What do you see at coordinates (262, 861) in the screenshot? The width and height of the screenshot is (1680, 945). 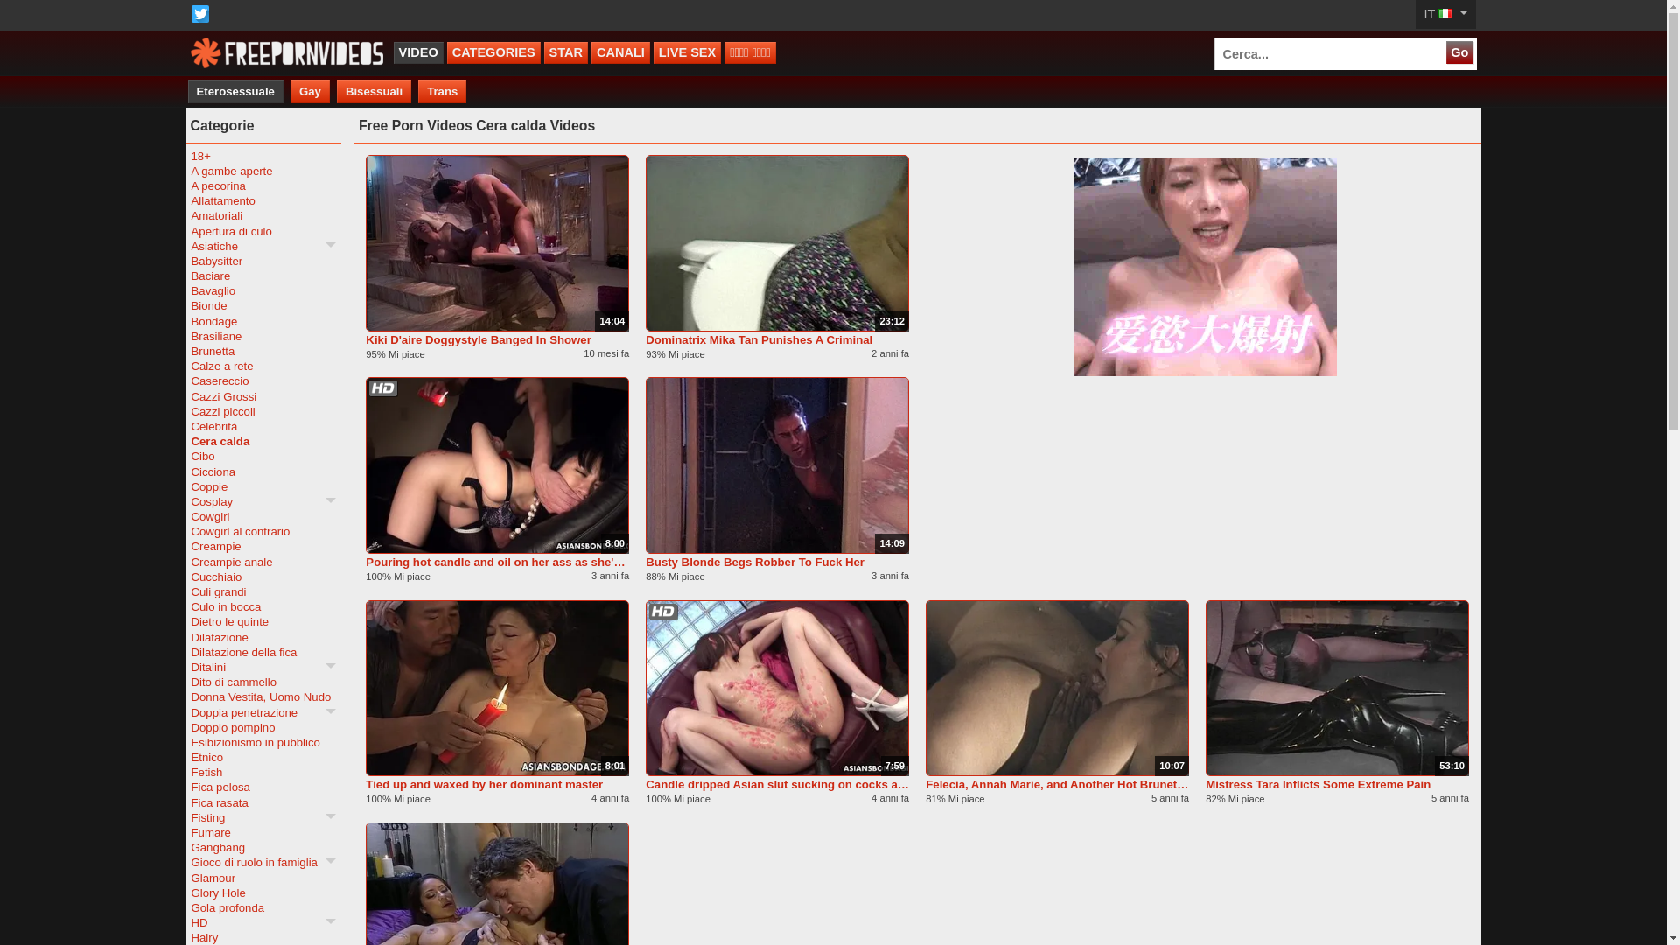 I see `'Gioco di ruolo in famiglia'` at bounding box center [262, 861].